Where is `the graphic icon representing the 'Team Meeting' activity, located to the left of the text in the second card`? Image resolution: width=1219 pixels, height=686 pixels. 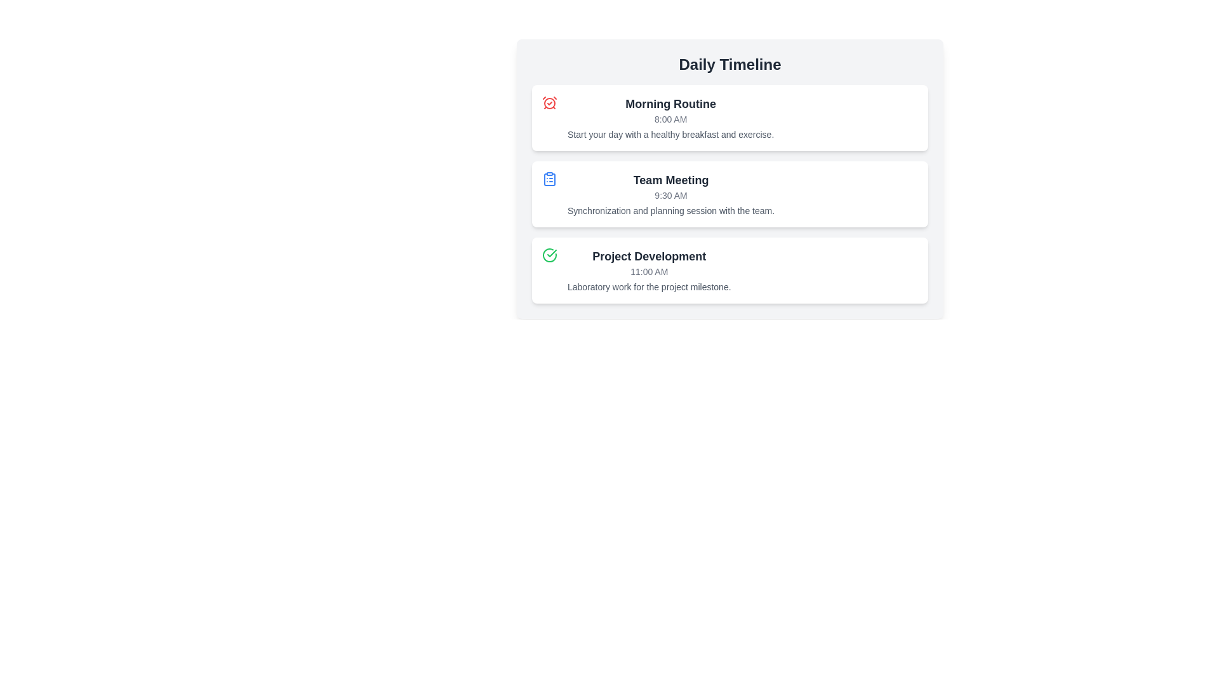 the graphic icon representing the 'Team Meeting' activity, located to the left of the text in the second card is located at coordinates (549, 178).